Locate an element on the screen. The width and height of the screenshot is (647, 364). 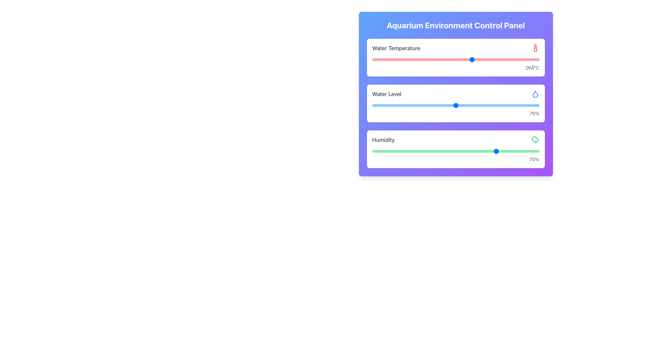
water level is located at coordinates (519, 105).